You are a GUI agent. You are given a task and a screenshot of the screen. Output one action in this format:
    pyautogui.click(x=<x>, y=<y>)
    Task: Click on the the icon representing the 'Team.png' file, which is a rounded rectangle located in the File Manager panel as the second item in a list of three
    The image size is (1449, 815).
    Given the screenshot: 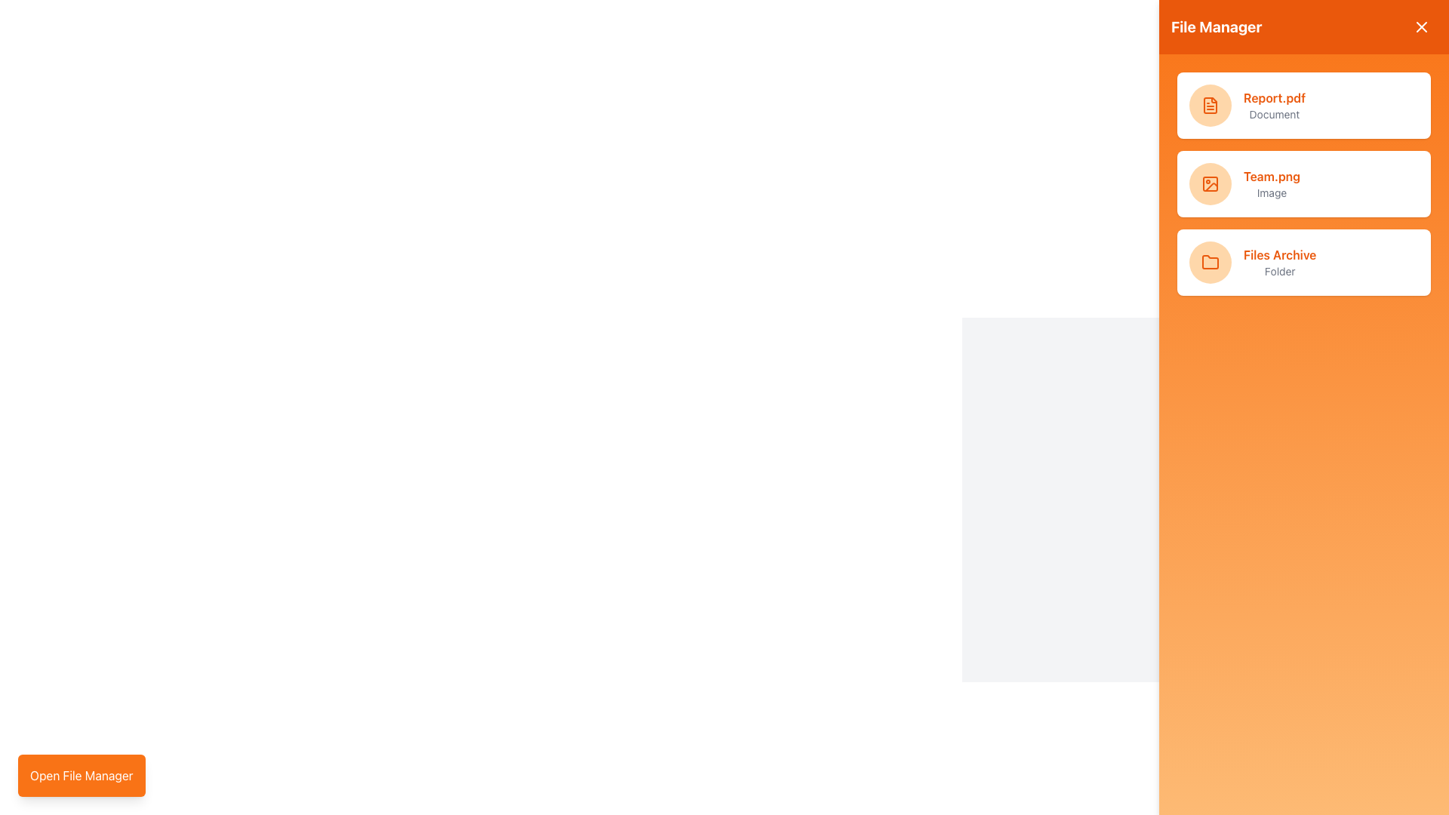 What is the action you would take?
    pyautogui.click(x=1210, y=183)
    